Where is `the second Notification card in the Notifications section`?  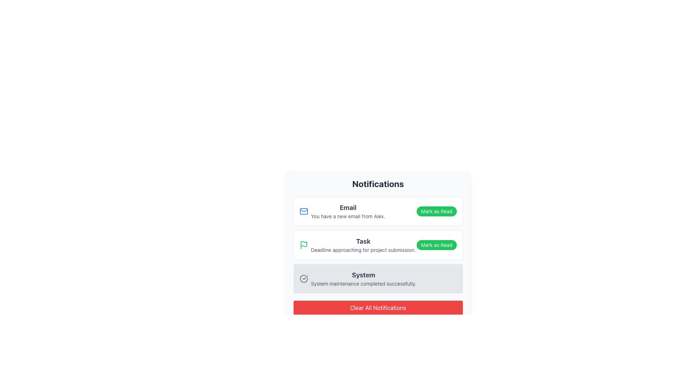
the second Notification card in the Notifications section is located at coordinates (378, 246).